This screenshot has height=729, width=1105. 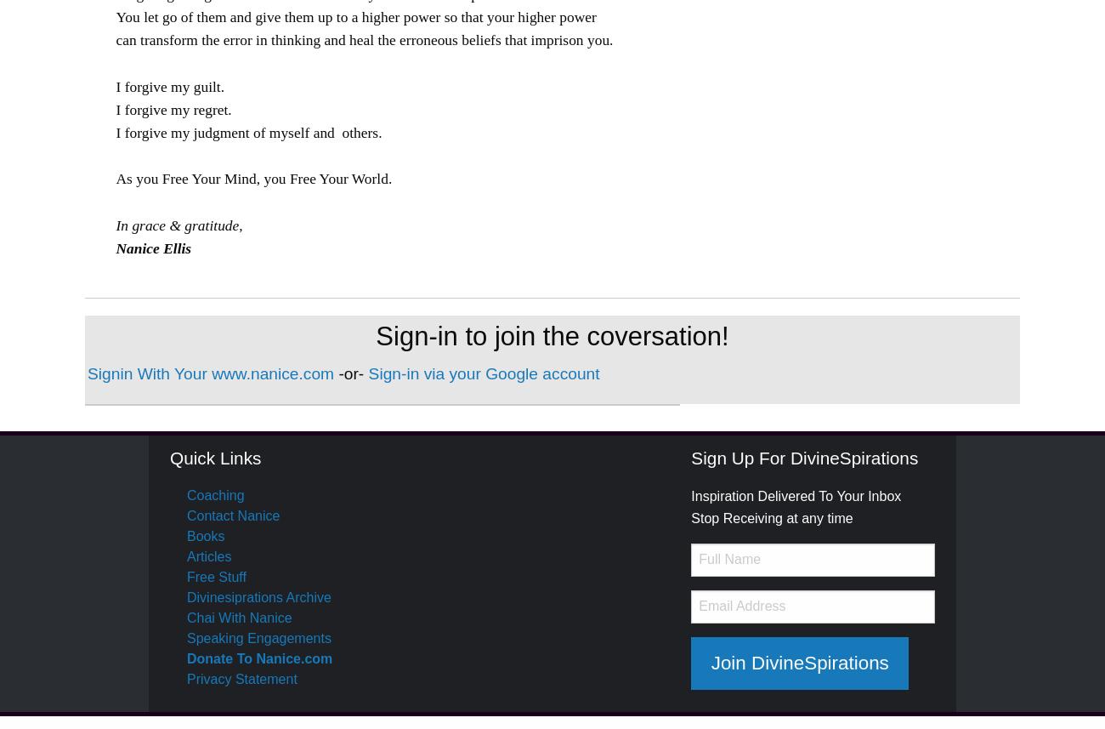 What do you see at coordinates (353, 373) in the screenshot?
I see `'-or-'` at bounding box center [353, 373].